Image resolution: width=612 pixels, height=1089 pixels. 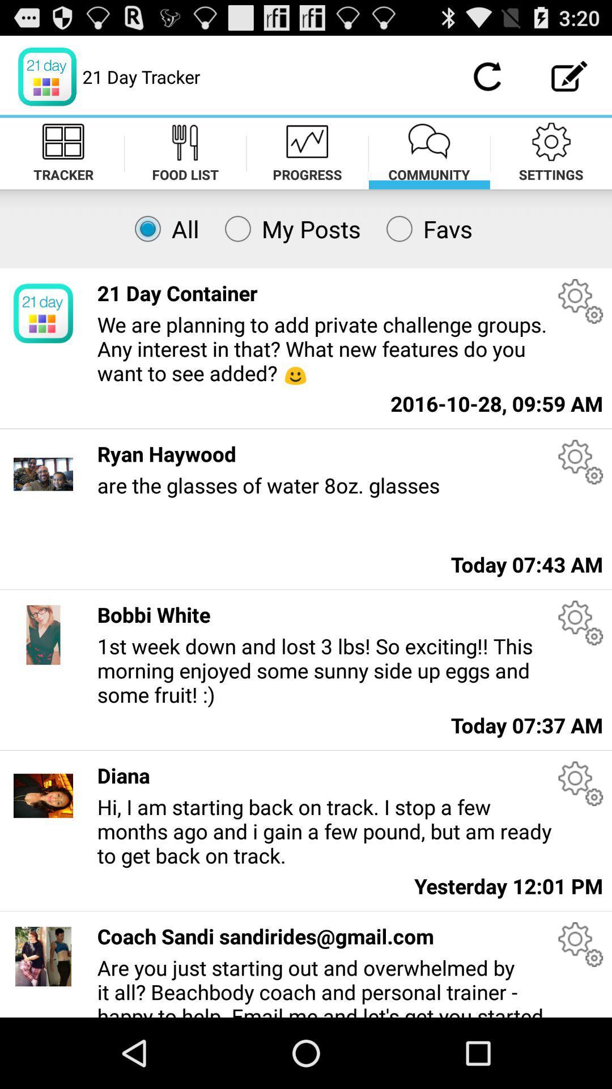 What do you see at coordinates (580, 462) in the screenshot?
I see `open settings for the post` at bounding box center [580, 462].